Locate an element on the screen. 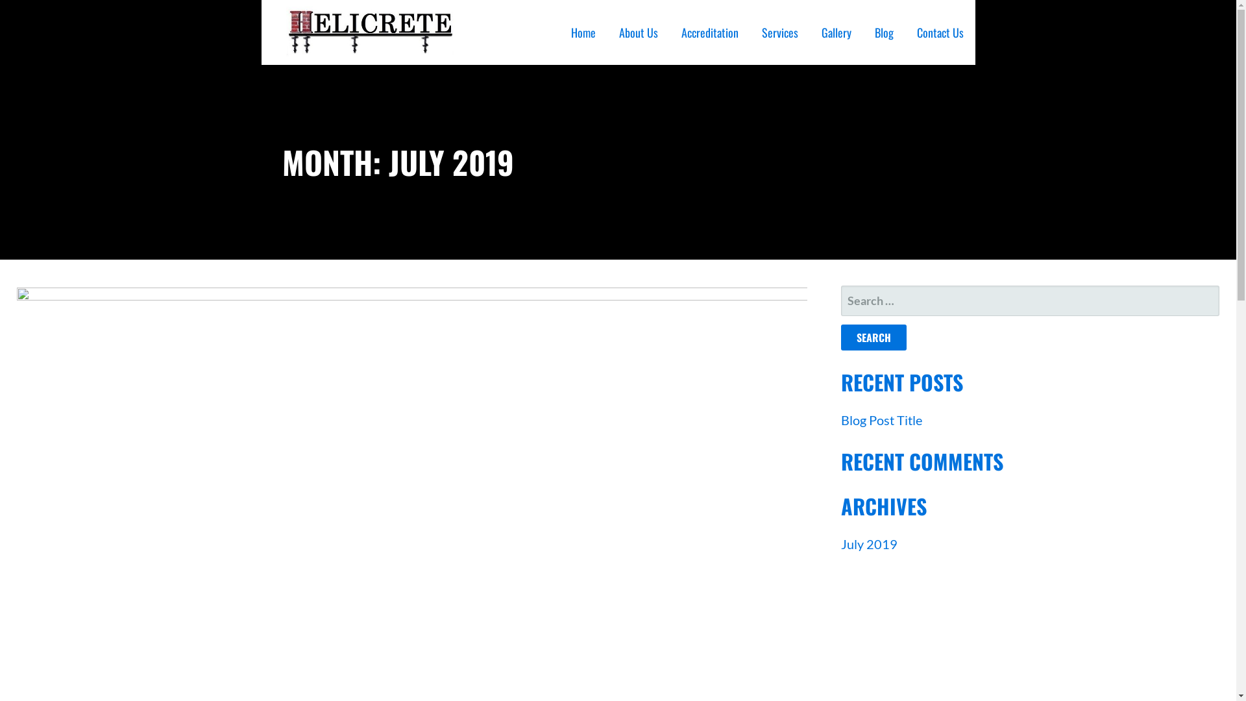 The height and width of the screenshot is (701, 1246). 'Skip to content' is located at coordinates (0, 0).